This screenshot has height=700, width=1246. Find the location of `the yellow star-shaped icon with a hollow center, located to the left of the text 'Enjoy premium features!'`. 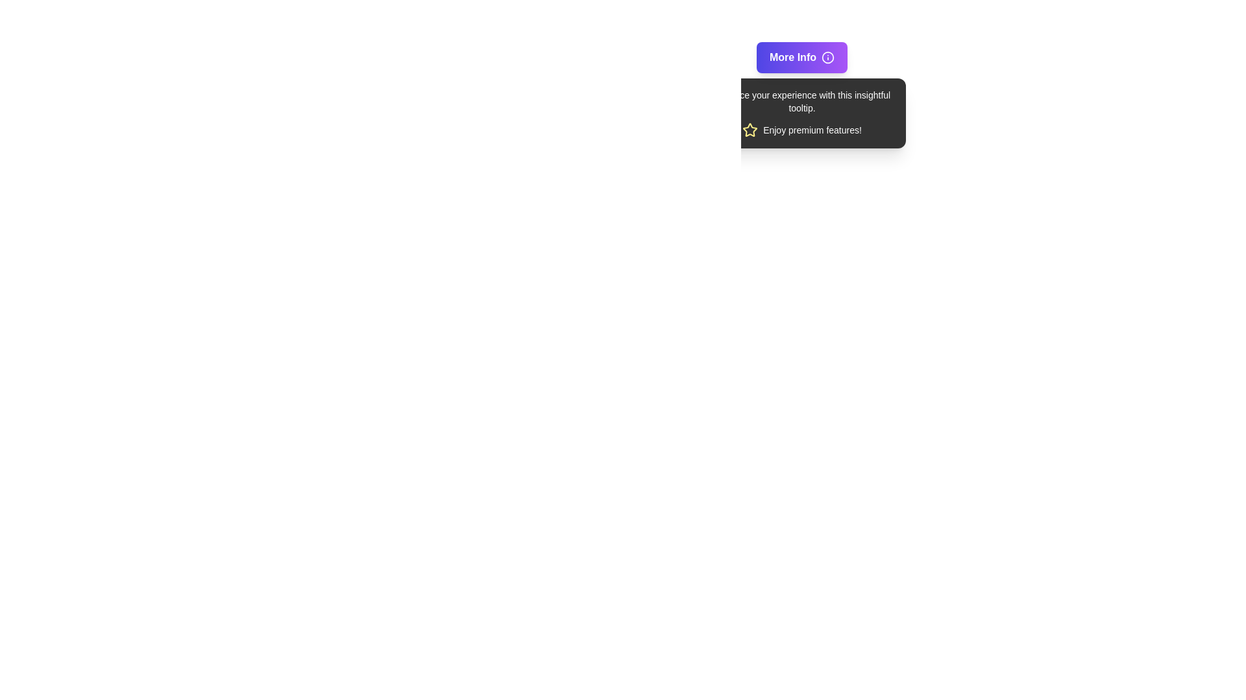

the yellow star-shaped icon with a hollow center, located to the left of the text 'Enjoy premium features!' is located at coordinates (750, 130).